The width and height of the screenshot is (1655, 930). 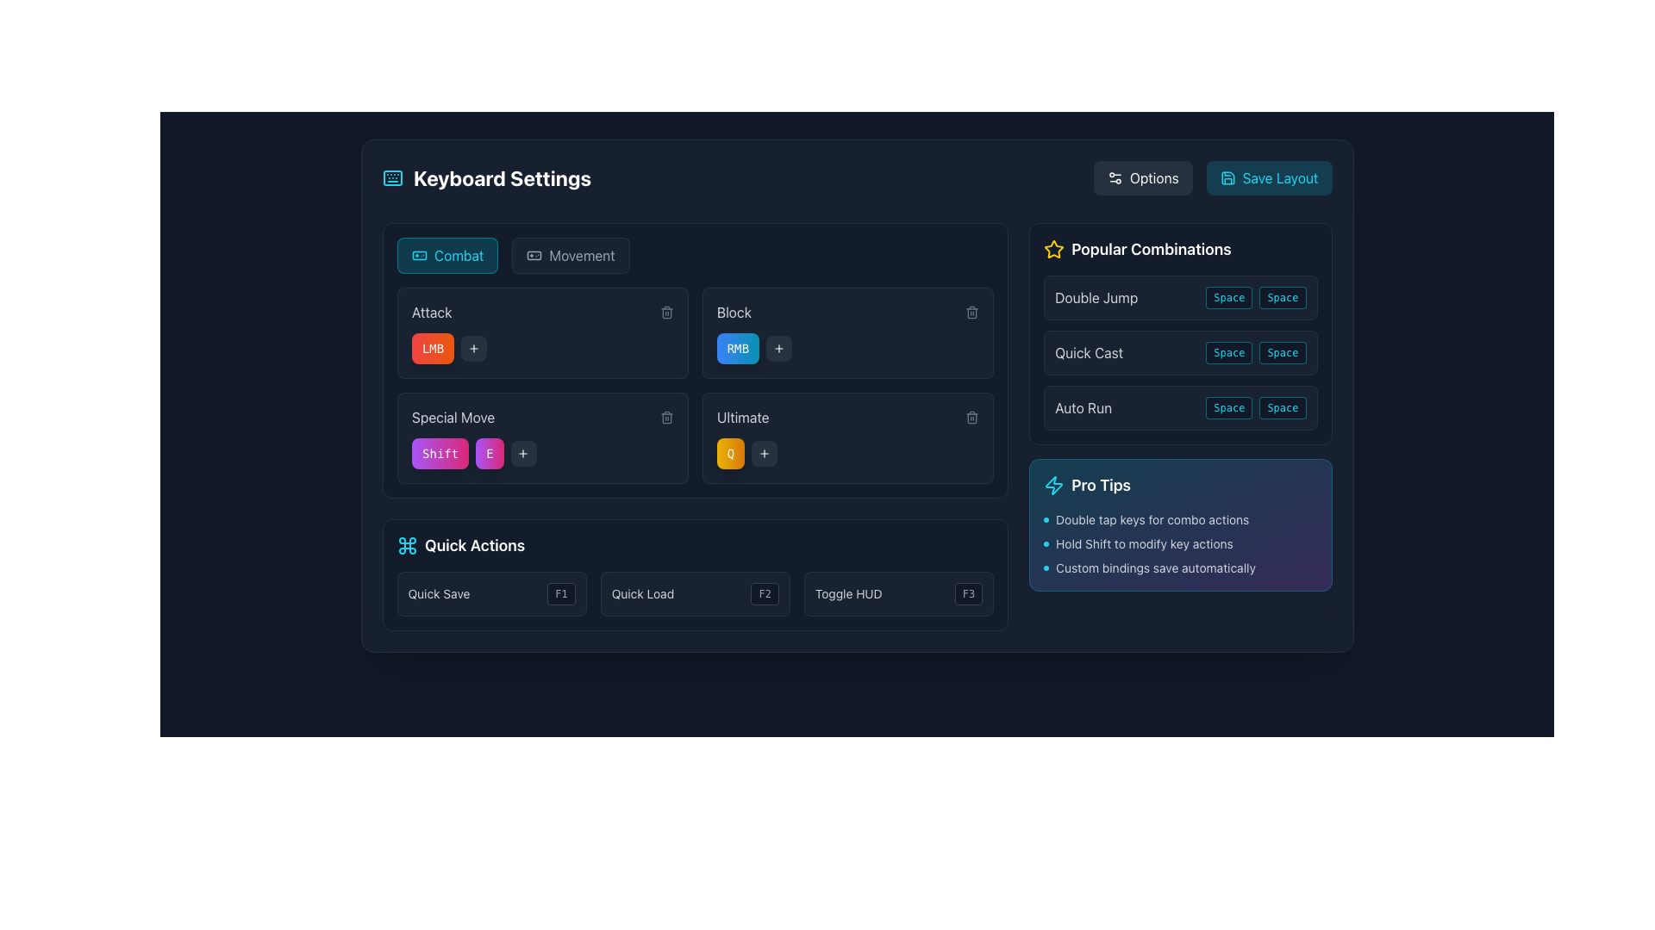 What do you see at coordinates (533, 256) in the screenshot?
I see `the gamepad icon element that represents the 'Movement' button's functionality, located in the 'Keyboard Settings' section of the application` at bounding box center [533, 256].